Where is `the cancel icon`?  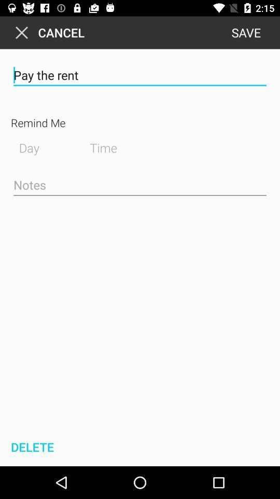
the cancel icon is located at coordinates (47, 32).